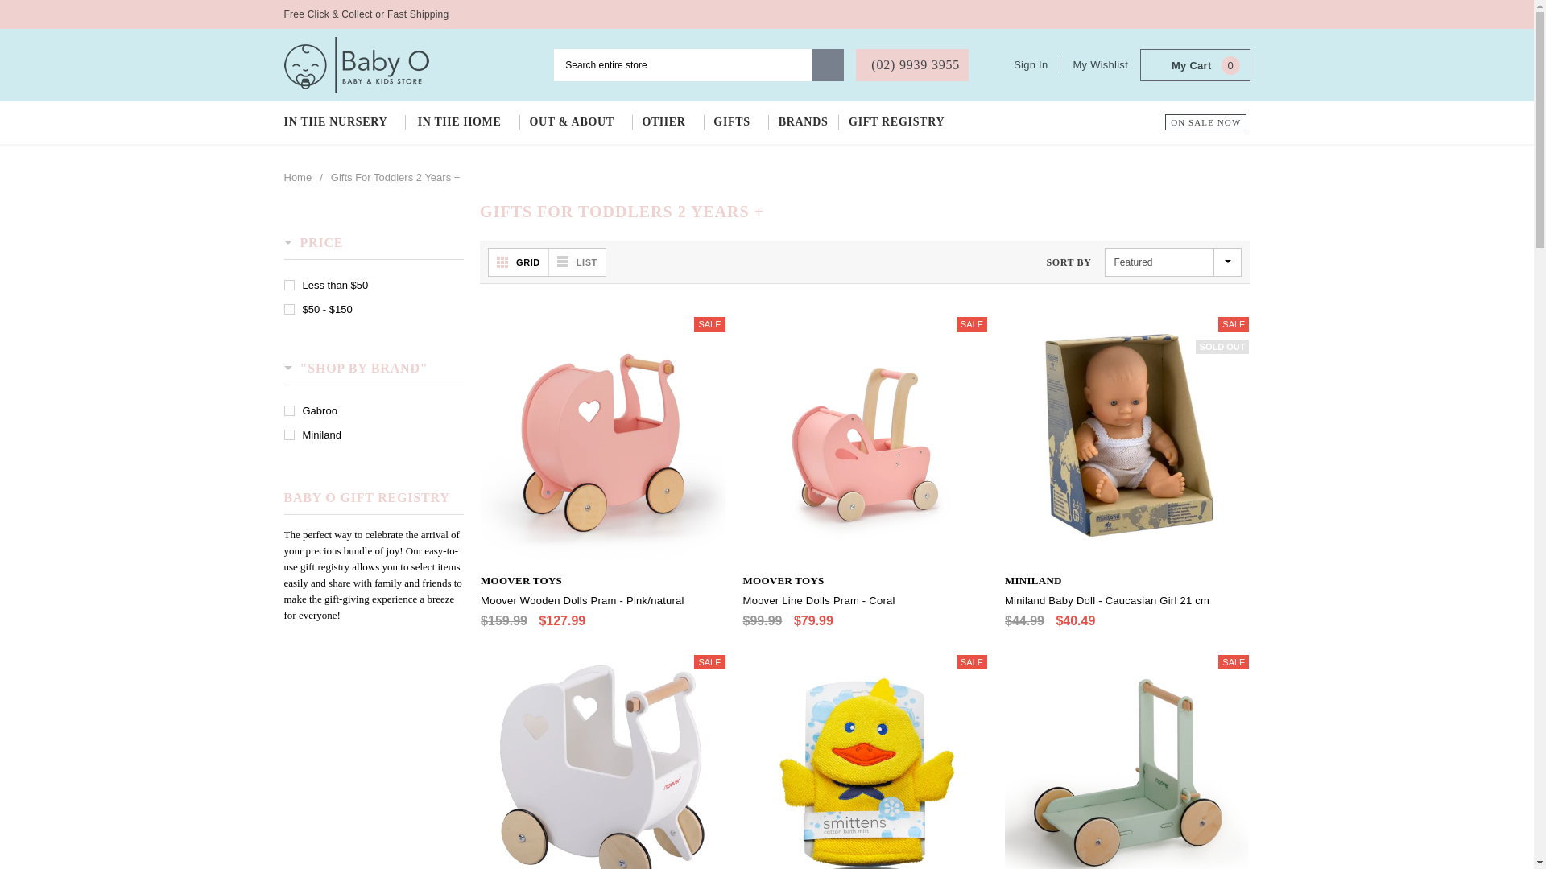  Describe the element at coordinates (297, 177) in the screenshot. I see `'Home'` at that location.